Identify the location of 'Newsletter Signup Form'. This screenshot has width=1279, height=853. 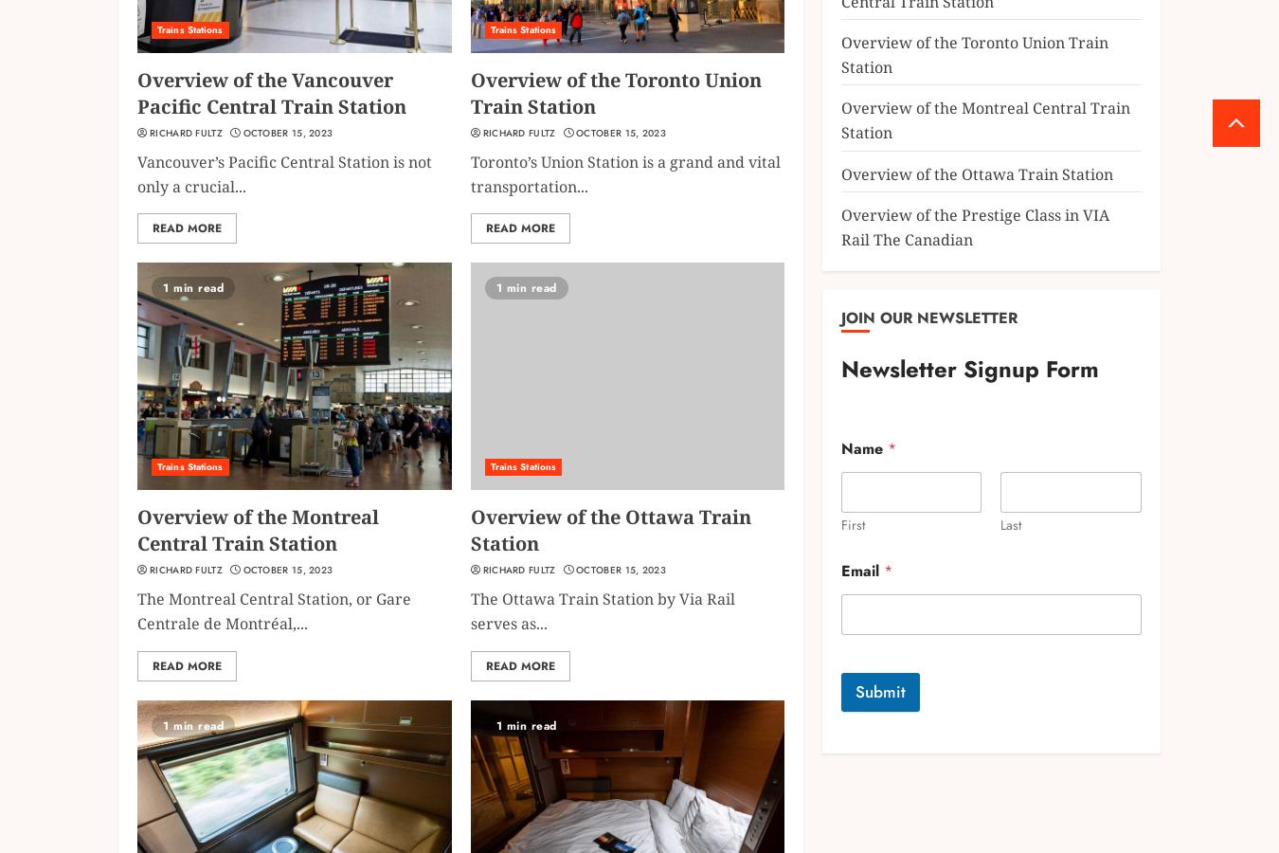
(969, 369).